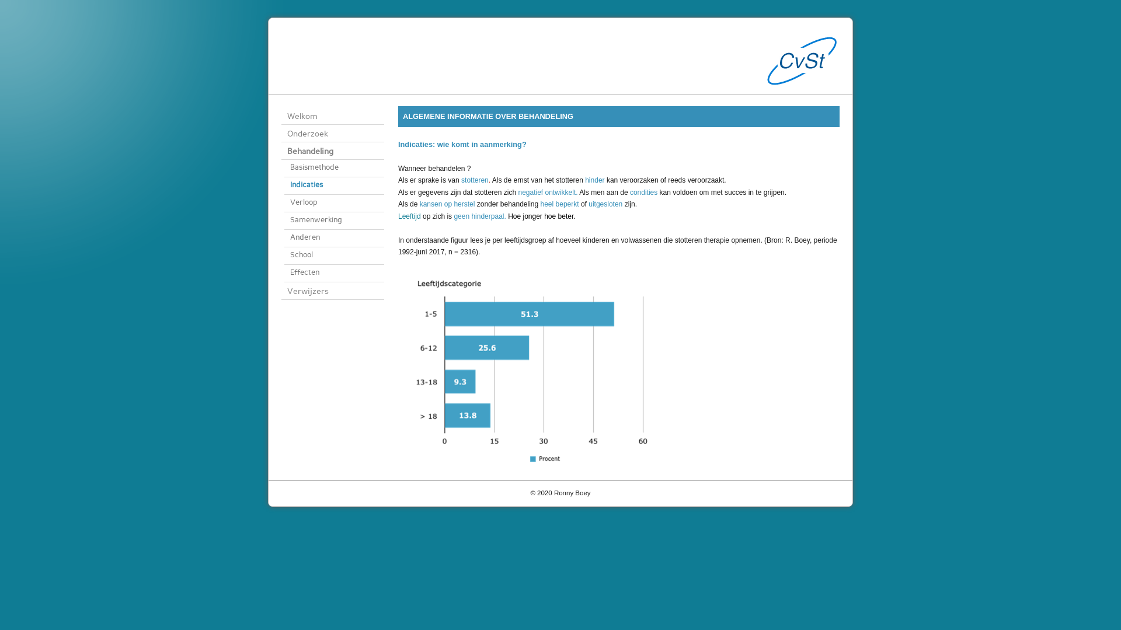 The width and height of the screenshot is (1121, 630). Describe the element at coordinates (281, 150) in the screenshot. I see `'Behandeling'` at that location.